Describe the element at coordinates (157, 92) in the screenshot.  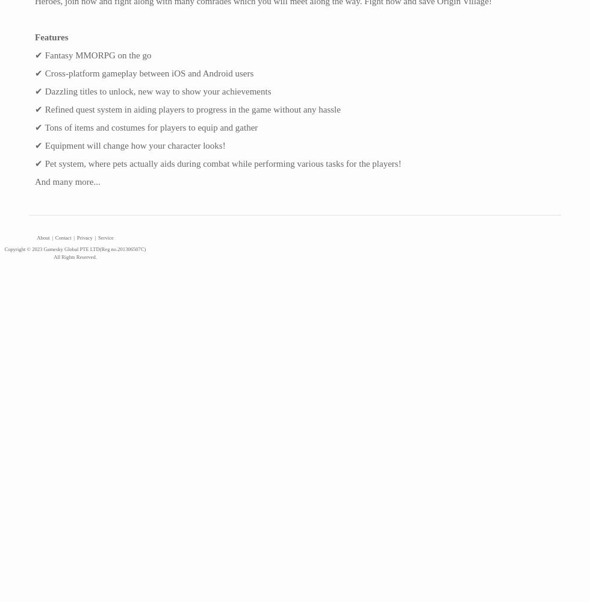
I see `'Dazzling titles to unlock, new way to show your achievements'` at that location.